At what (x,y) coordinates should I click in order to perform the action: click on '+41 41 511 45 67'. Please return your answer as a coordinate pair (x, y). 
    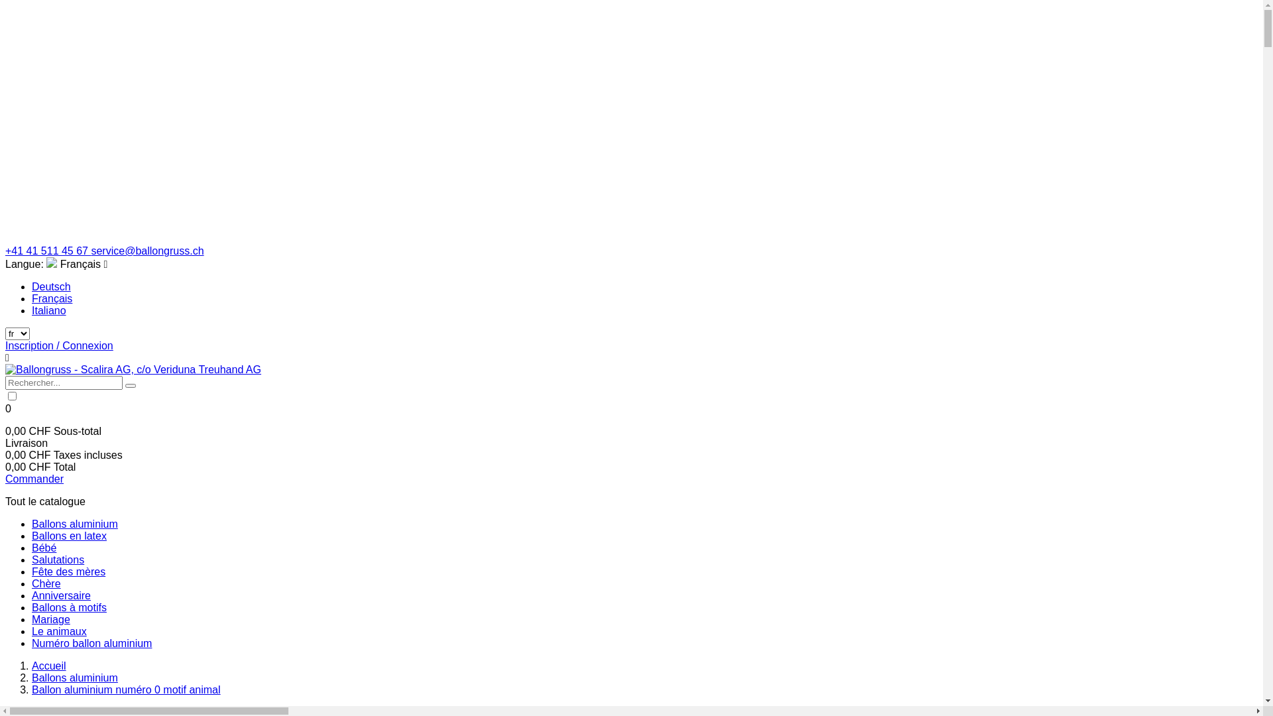
    Looking at the image, I should click on (48, 251).